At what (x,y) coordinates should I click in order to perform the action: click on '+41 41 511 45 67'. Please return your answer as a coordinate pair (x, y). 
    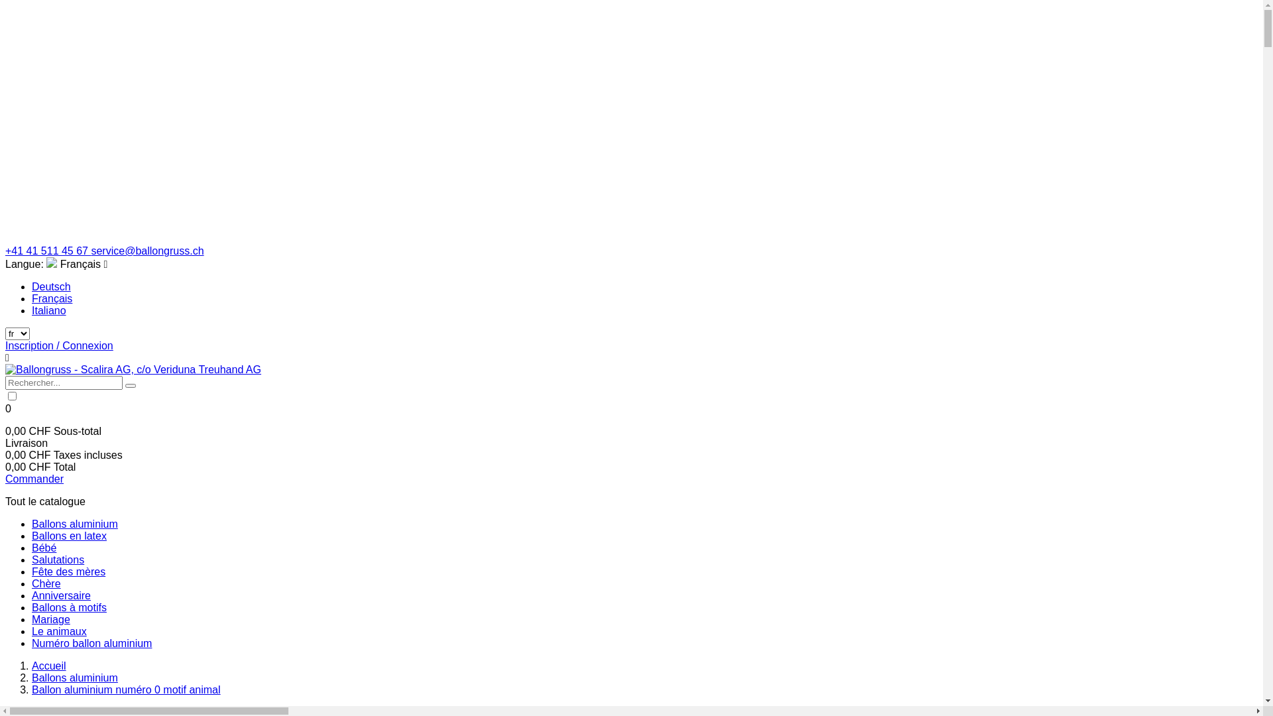
    Looking at the image, I should click on (48, 251).